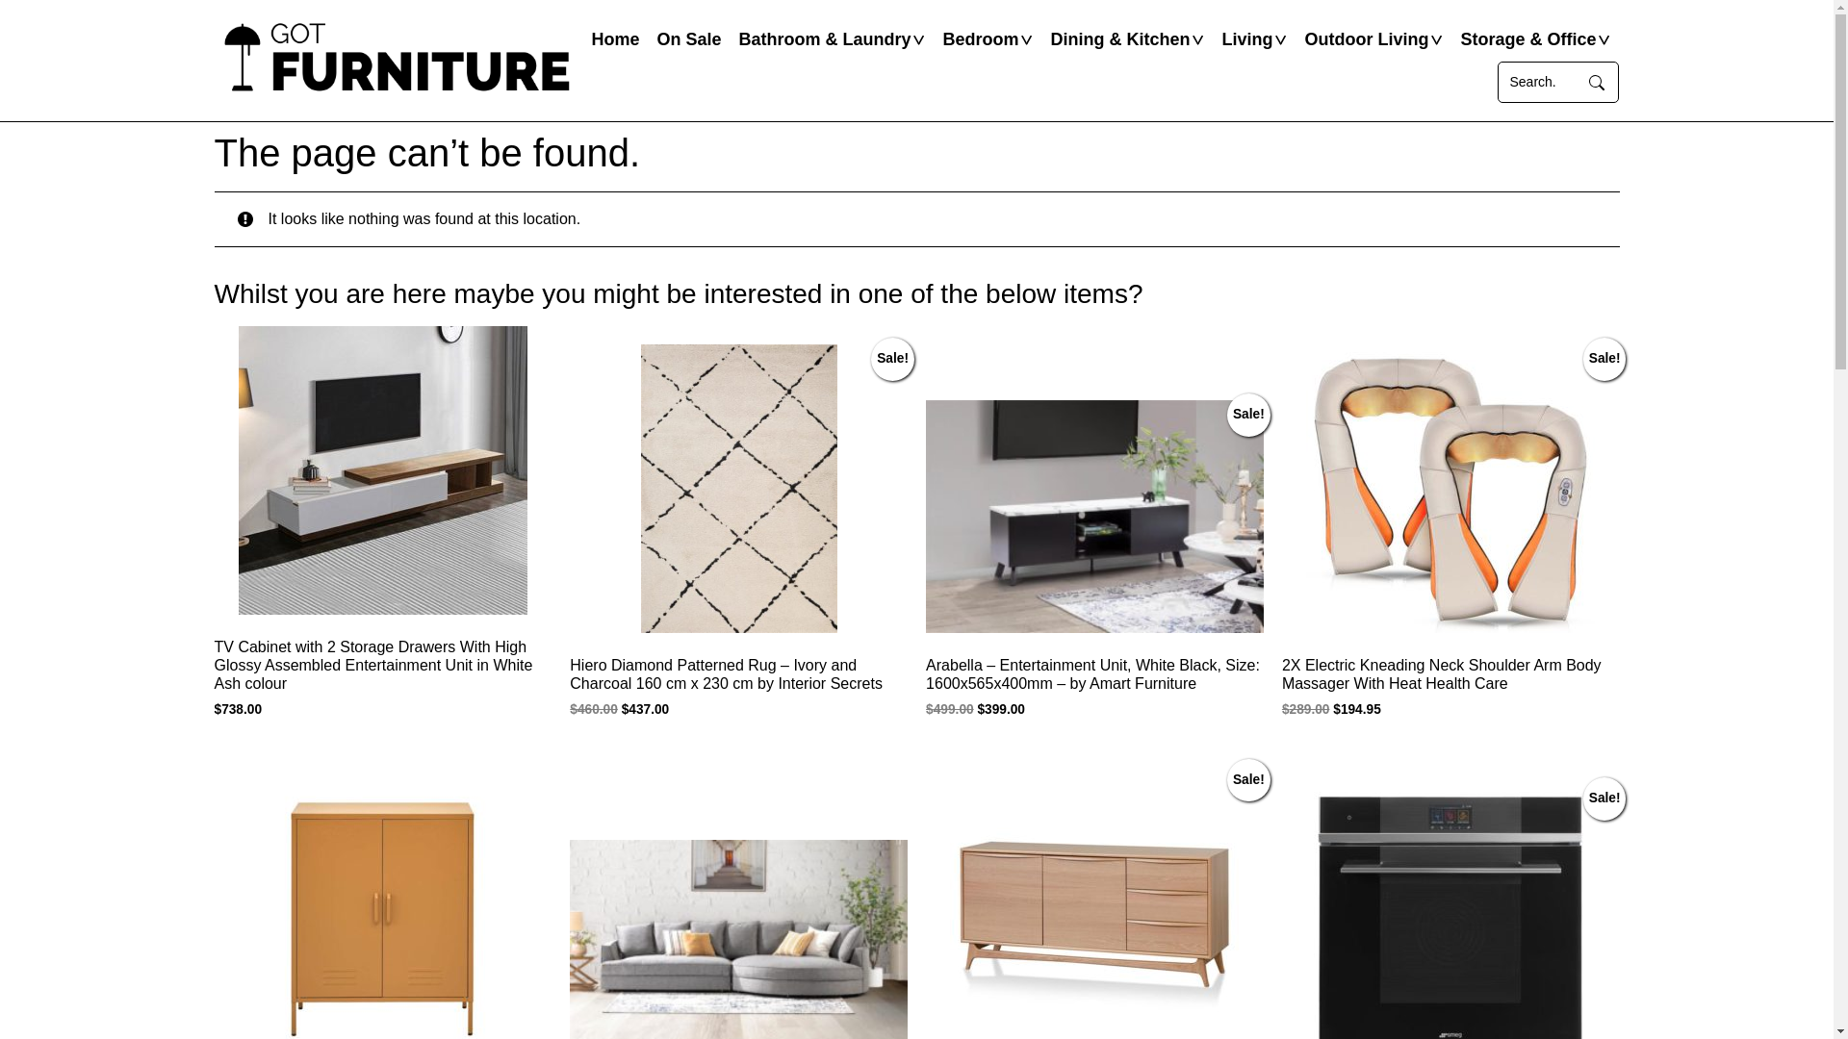 The image size is (1848, 1039). What do you see at coordinates (1537, 81) in the screenshot?
I see `'Search'` at bounding box center [1537, 81].